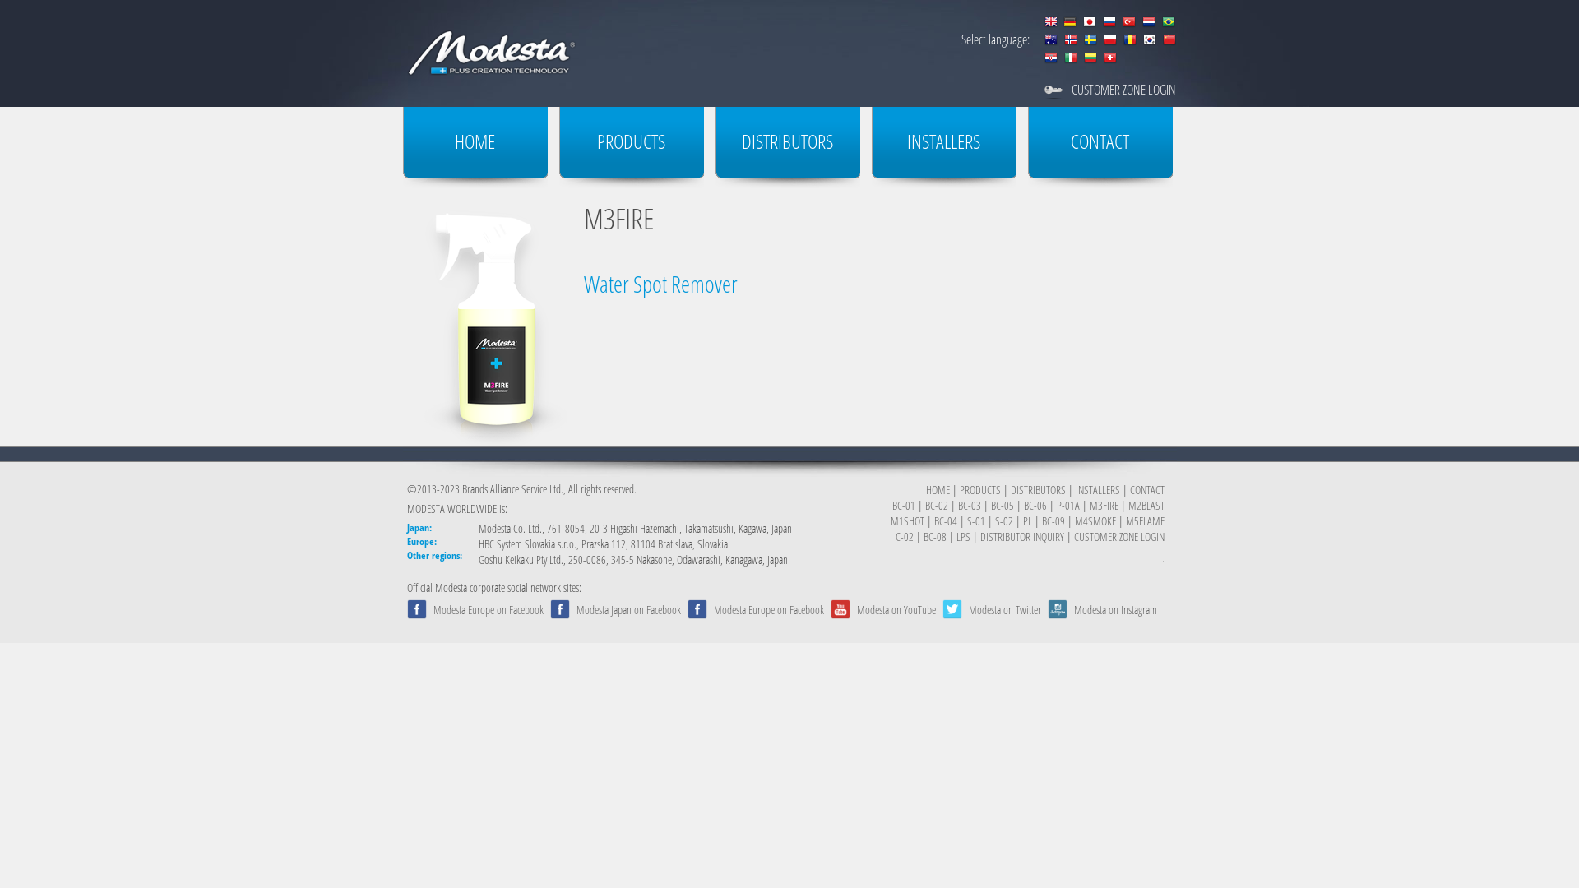  Describe the element at coordinates (935, 536) in the screenshot. I see `'BC-08'` at that location.